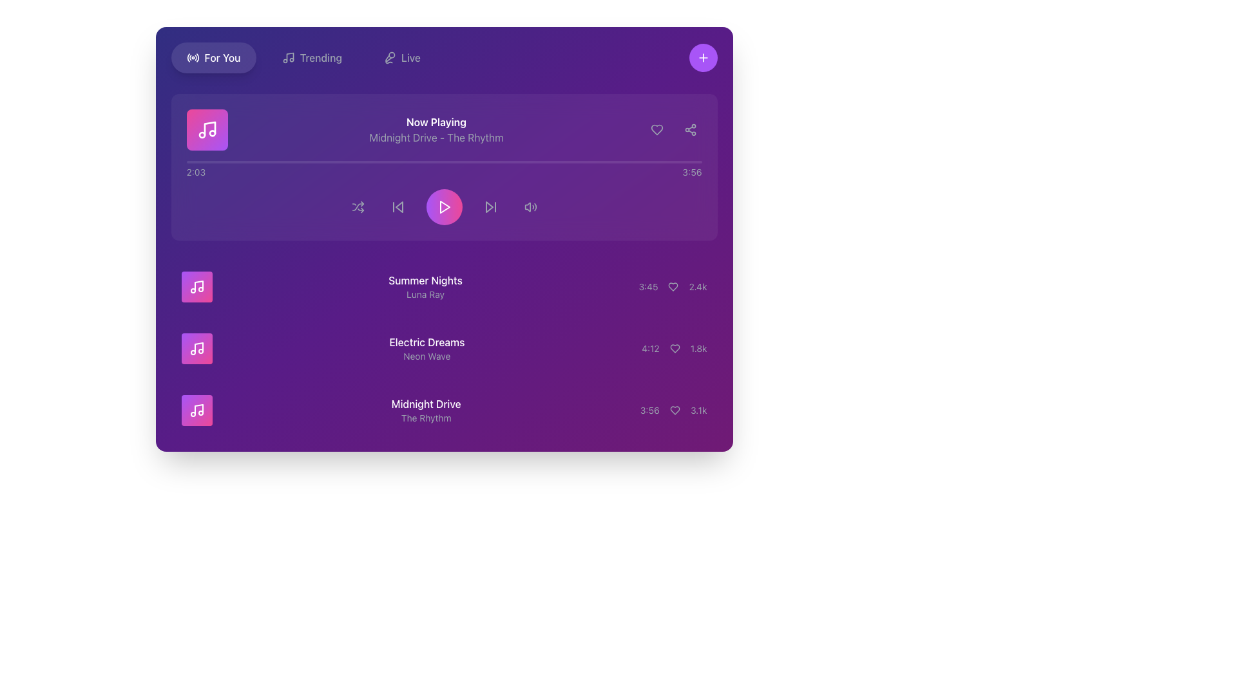 The image size is (1237, 695). Describe the element at coordinates (256, 161) in the screenshot. I see `playback position` at that location.